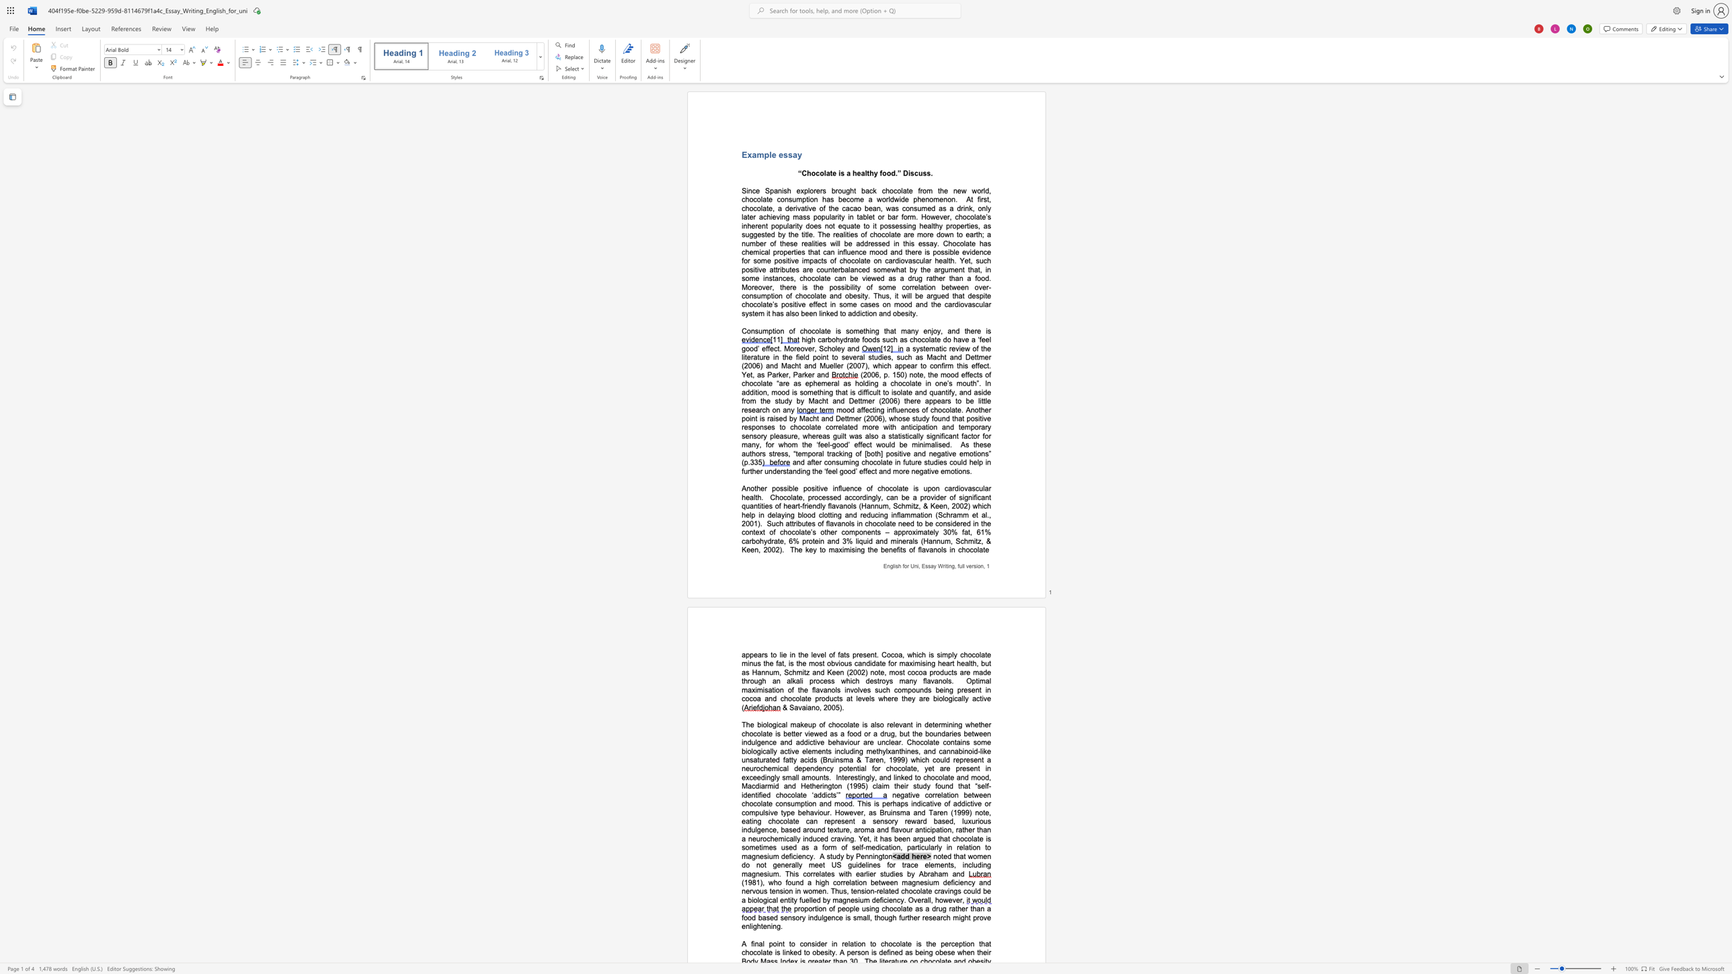 The height and width of the screenshot is (974, 1732). I want to click on the 2th character "r" in the text, so click(912, 278).